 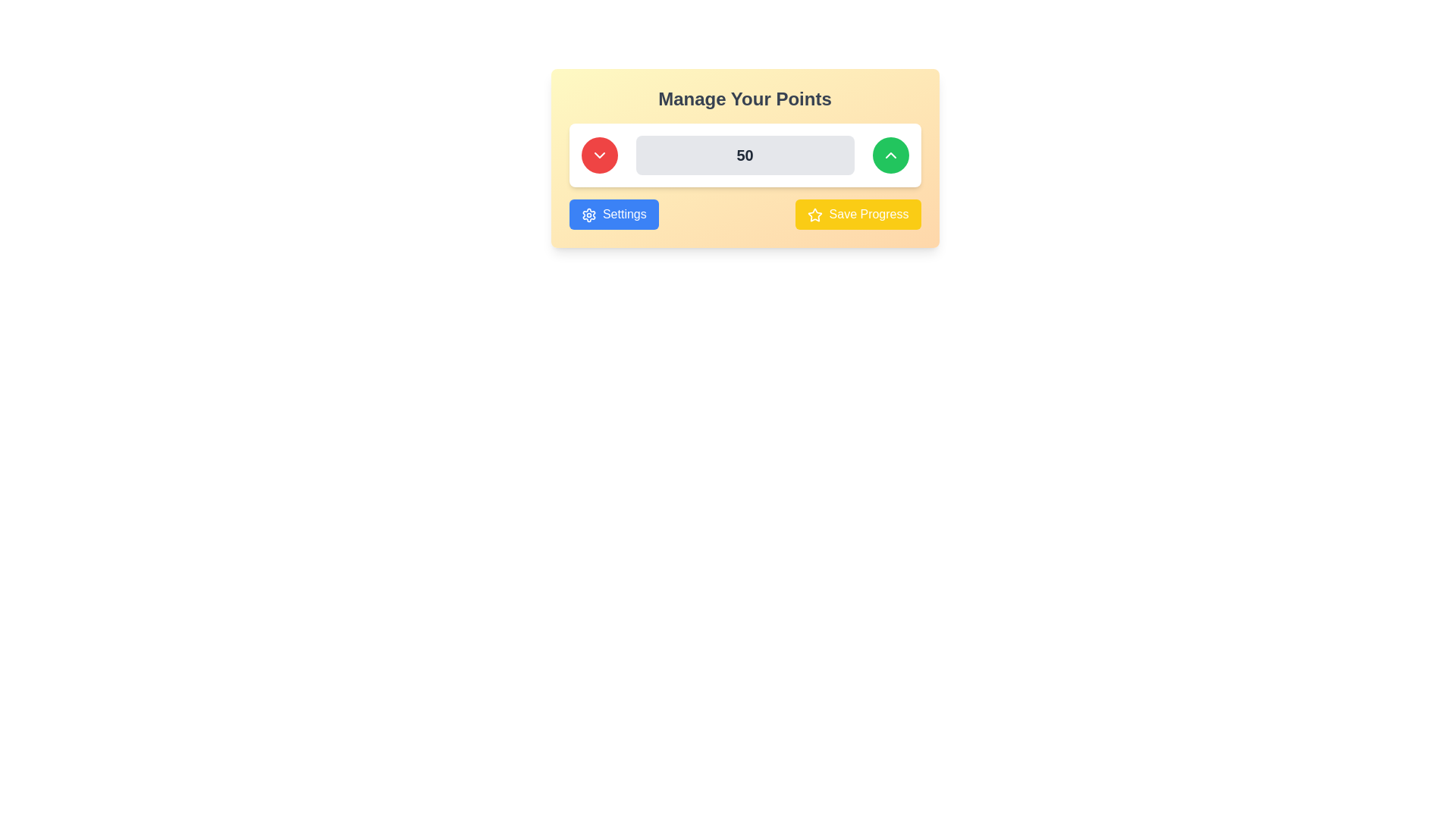 I want to click on the downward chevron icon located in the red circular button, so click(x=598, y=155).